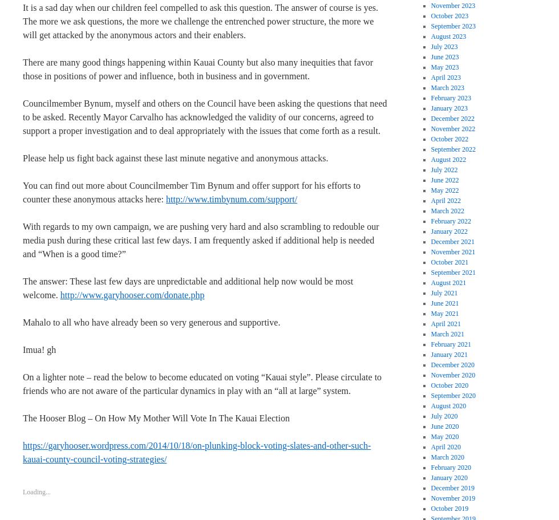 The width and height of the screenshot is (559, 520). I want to click on 'February 2020', so click(430, 466).